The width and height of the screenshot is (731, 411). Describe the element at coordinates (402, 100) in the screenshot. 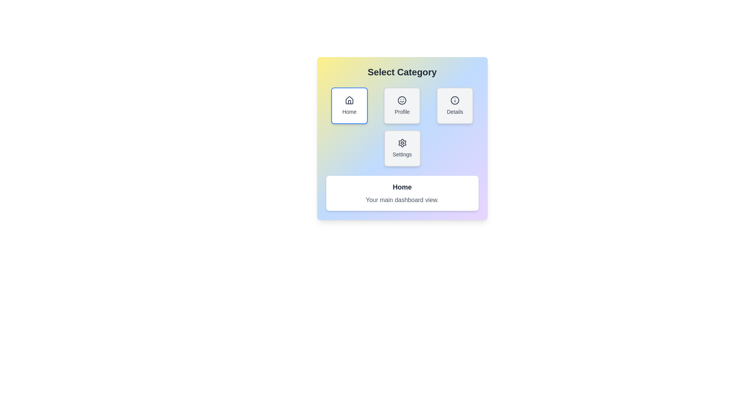

I see `the circular shape within the smiley face icon representing the profile in the 'Profile' button, which is the second button in the grid under 'Select Category'` at that location.